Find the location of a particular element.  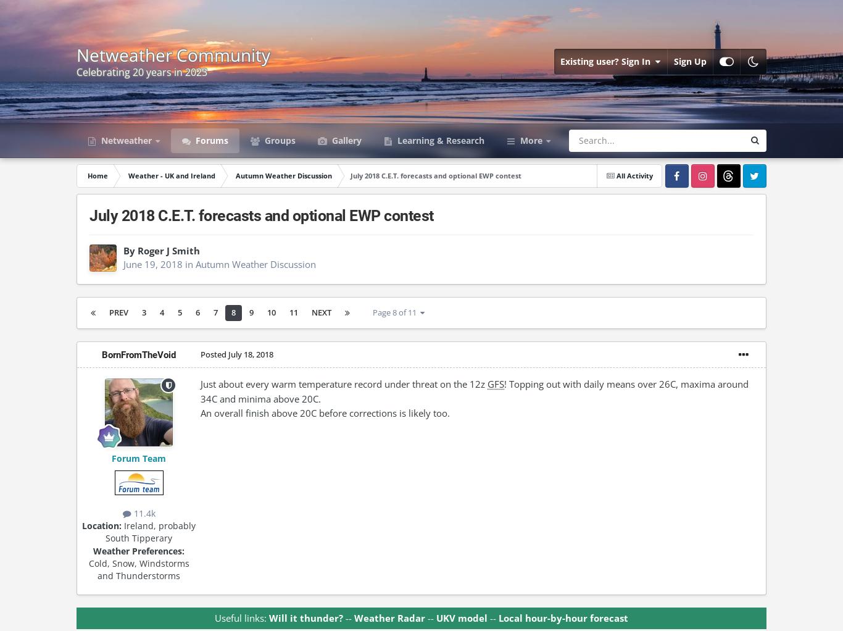

'Unread Content' is located at coordinates (482, 236).